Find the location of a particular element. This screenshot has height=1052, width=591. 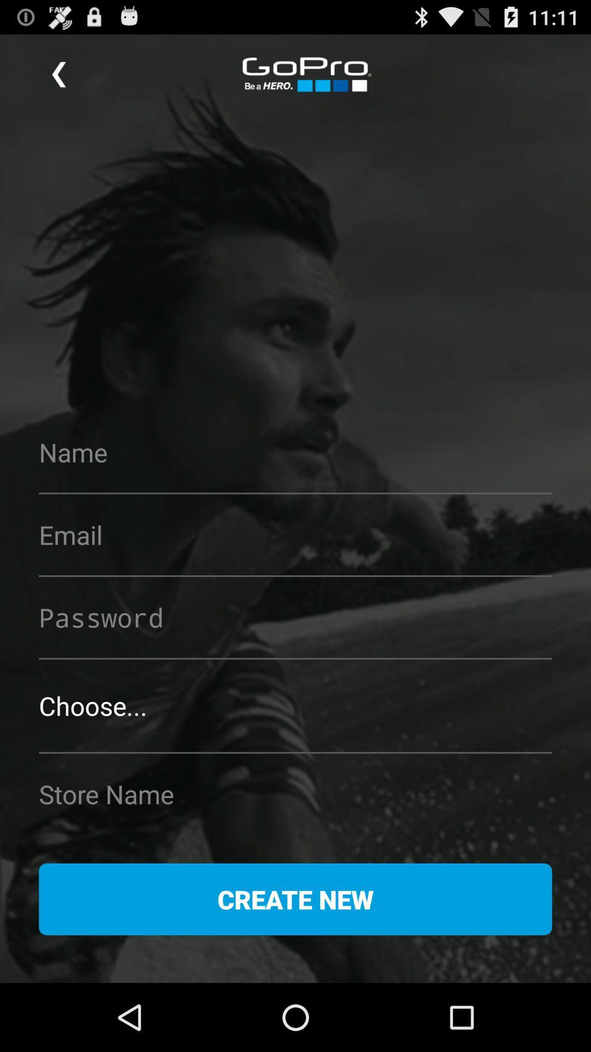

insert your name is located at coordinates (296, 452).